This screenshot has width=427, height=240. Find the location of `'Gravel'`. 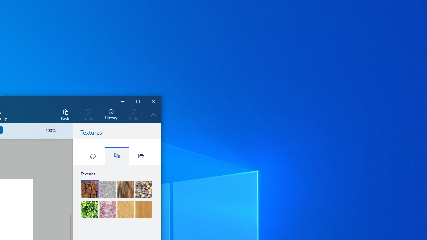

'Gravel' is located at coordinates (143, 189).